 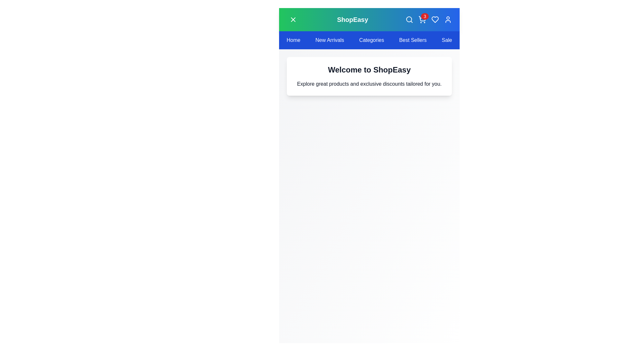 What do you see at coordinates (330, 40) in the screenshot?
I see `the navbar item labeled 'New Arrivals' to navigate to the corresponding section` at bounding box center [330, 40].